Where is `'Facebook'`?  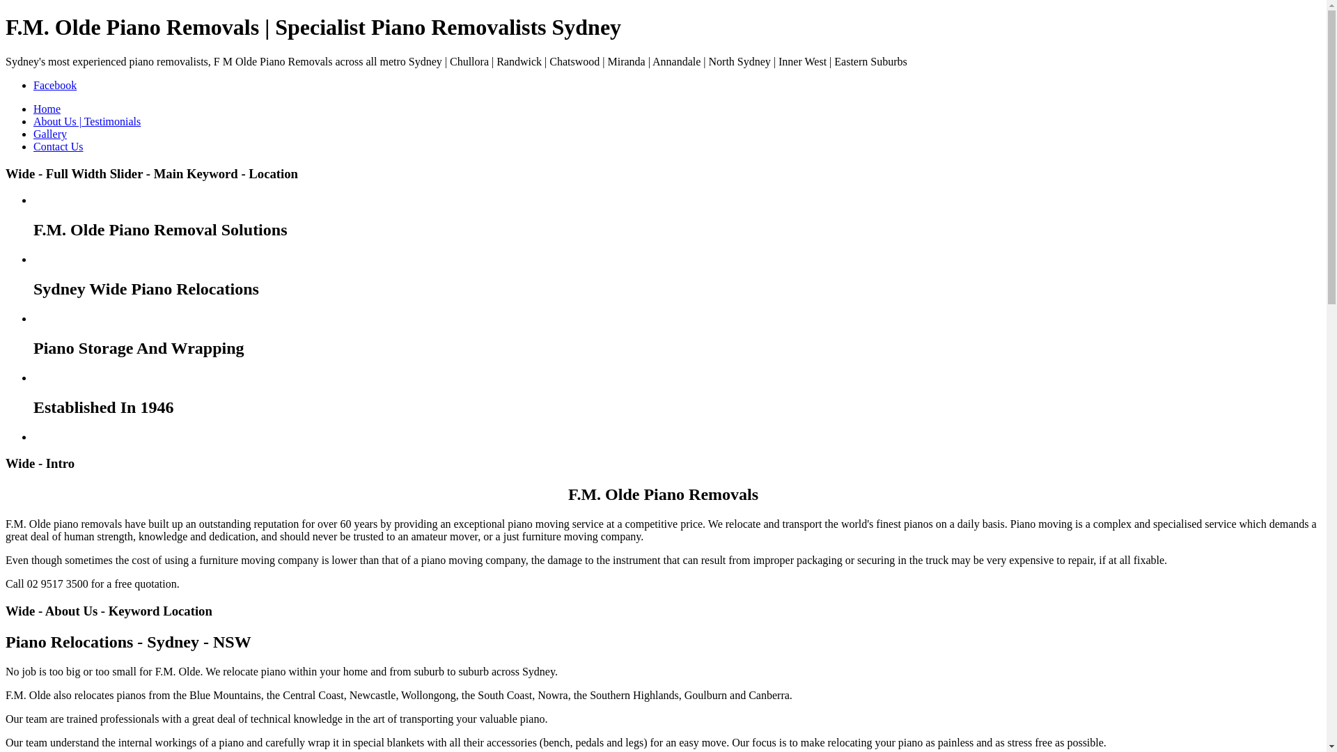 'Facebook' is located at coordinates (54, 85).